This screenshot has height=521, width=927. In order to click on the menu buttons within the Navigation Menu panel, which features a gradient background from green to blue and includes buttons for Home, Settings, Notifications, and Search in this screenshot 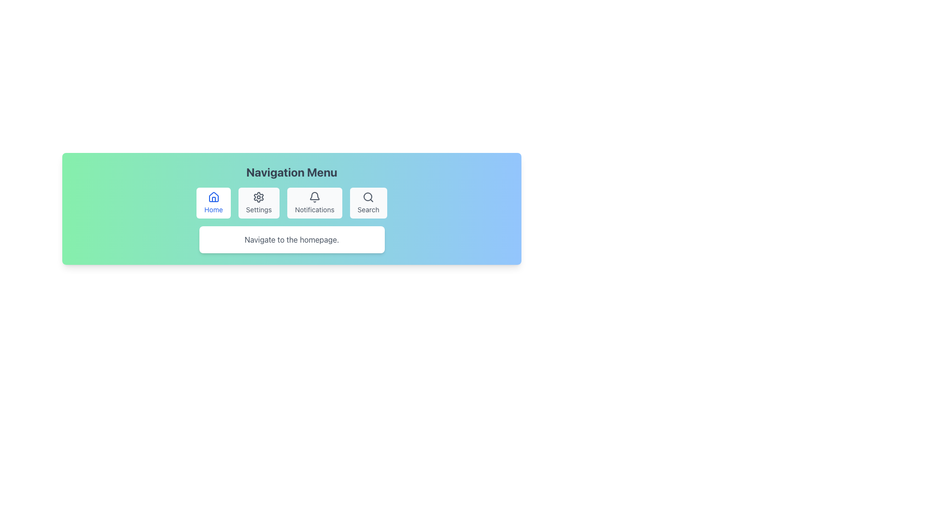, I will do `click(291, 208)`.